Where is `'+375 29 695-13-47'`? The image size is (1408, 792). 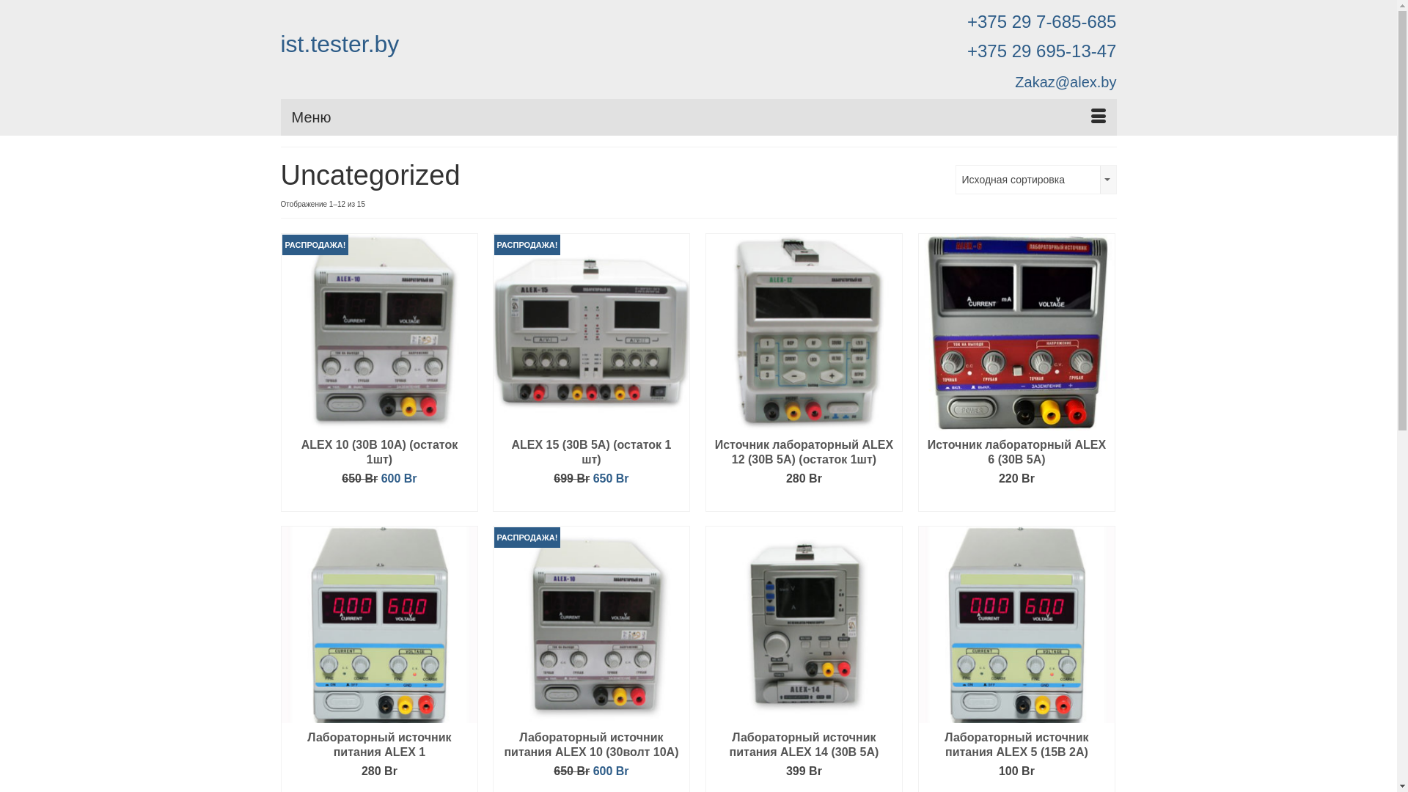
'+375 29 695-13-47' is located at coordinates (967, 50).